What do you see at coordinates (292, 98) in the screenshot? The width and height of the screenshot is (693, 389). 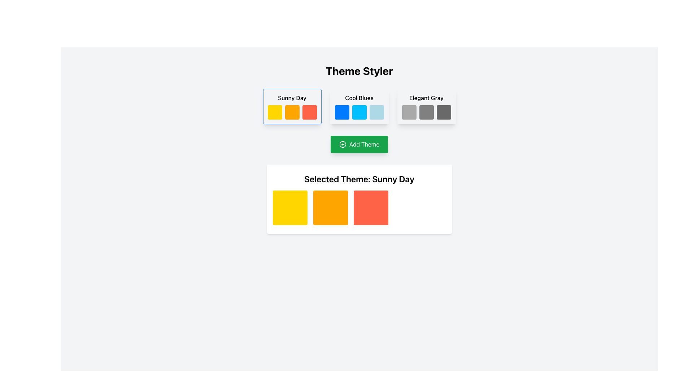 I see `the text label displaying 'Sunny Day'` at bounding box center [292, 98].